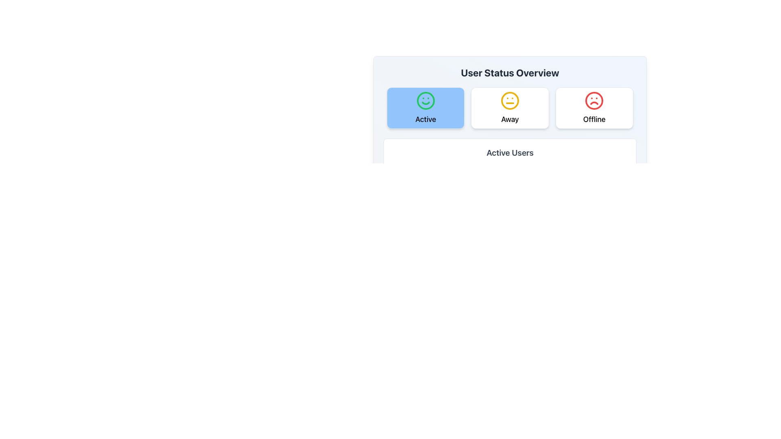  What do you see at coordinates (509, 108) in the screenshot?
I see `the rectangular button with a white background and a yellow neutral face emoji labeled 'Away'` at bounding box center [509, 108].